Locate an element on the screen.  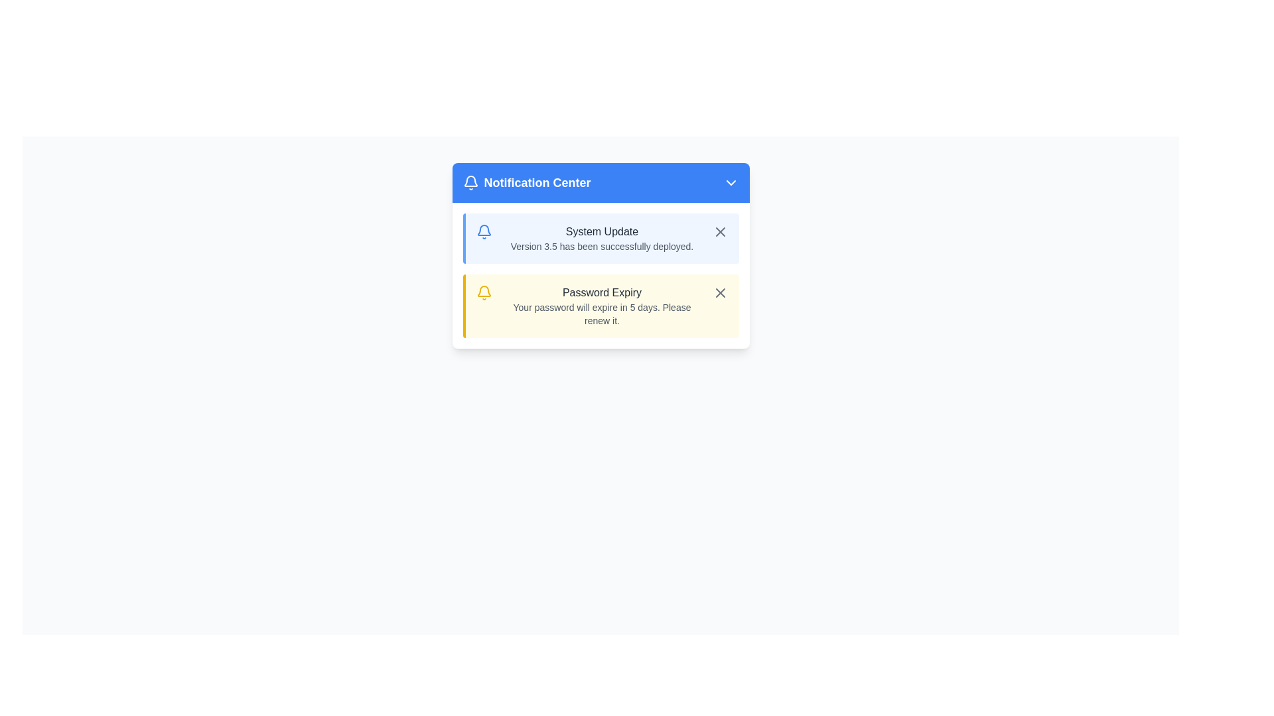
the small downward-pointing chevron icon on the right side of the 'Notification Center' blue header bar is located at coordinates (730, 183).